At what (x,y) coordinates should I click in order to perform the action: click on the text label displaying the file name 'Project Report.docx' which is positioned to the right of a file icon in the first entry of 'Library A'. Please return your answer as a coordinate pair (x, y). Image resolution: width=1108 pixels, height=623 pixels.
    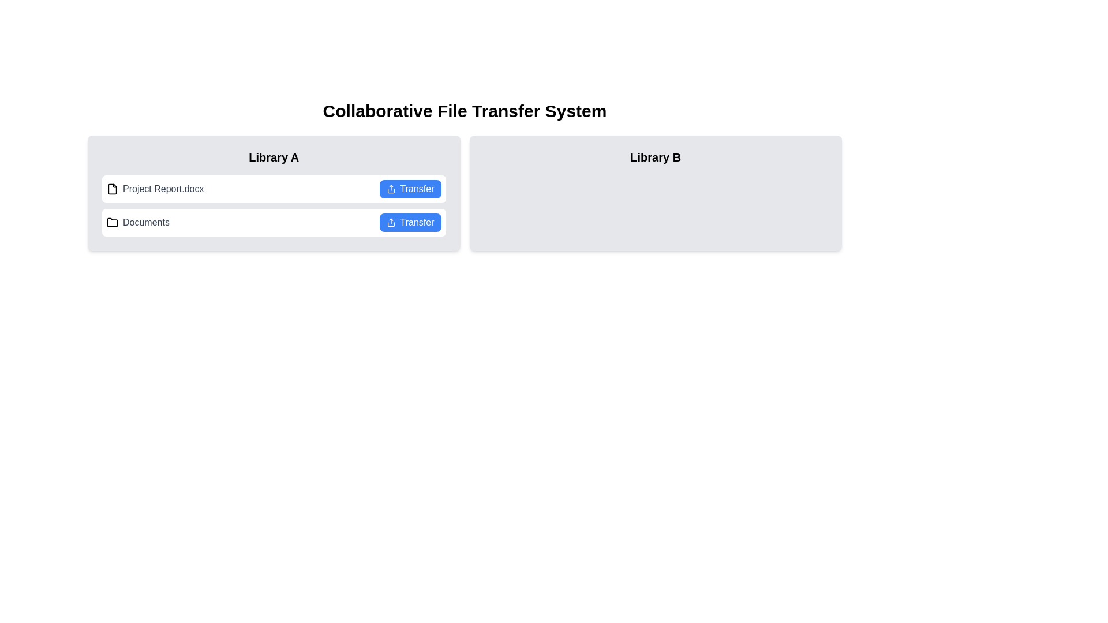
    Looking at the image, I should click on (163, 188).